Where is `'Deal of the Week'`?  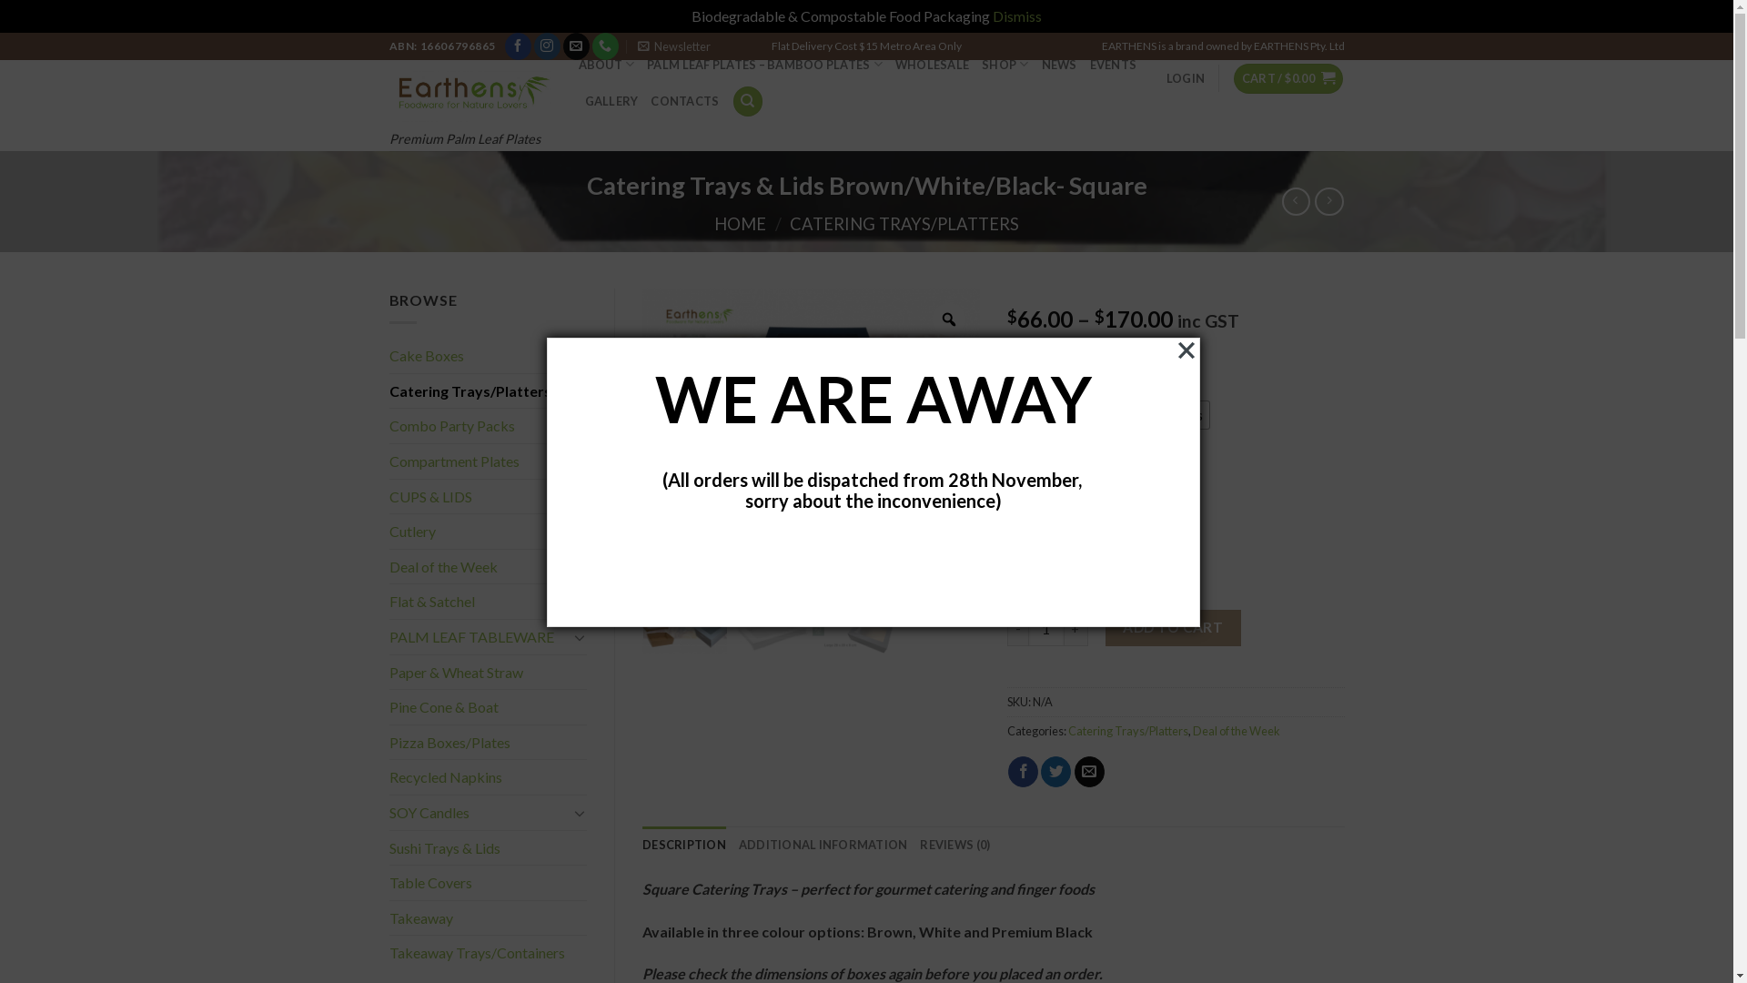 'Deal of the Week' is located at coordinates (479, 566).